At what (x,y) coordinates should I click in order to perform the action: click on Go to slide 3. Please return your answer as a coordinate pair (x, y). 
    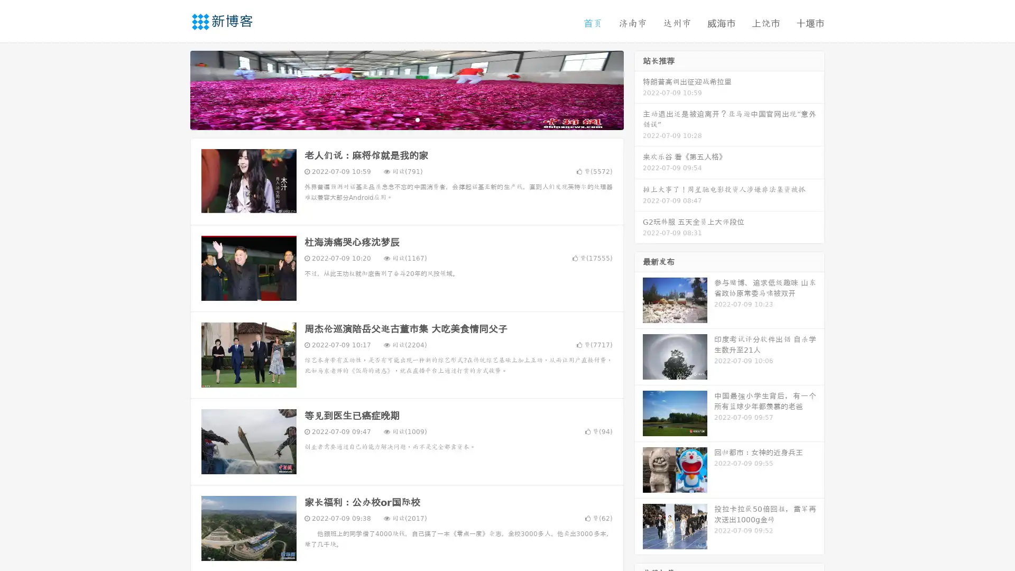
    Looking at the image, I should click on (417, 119).